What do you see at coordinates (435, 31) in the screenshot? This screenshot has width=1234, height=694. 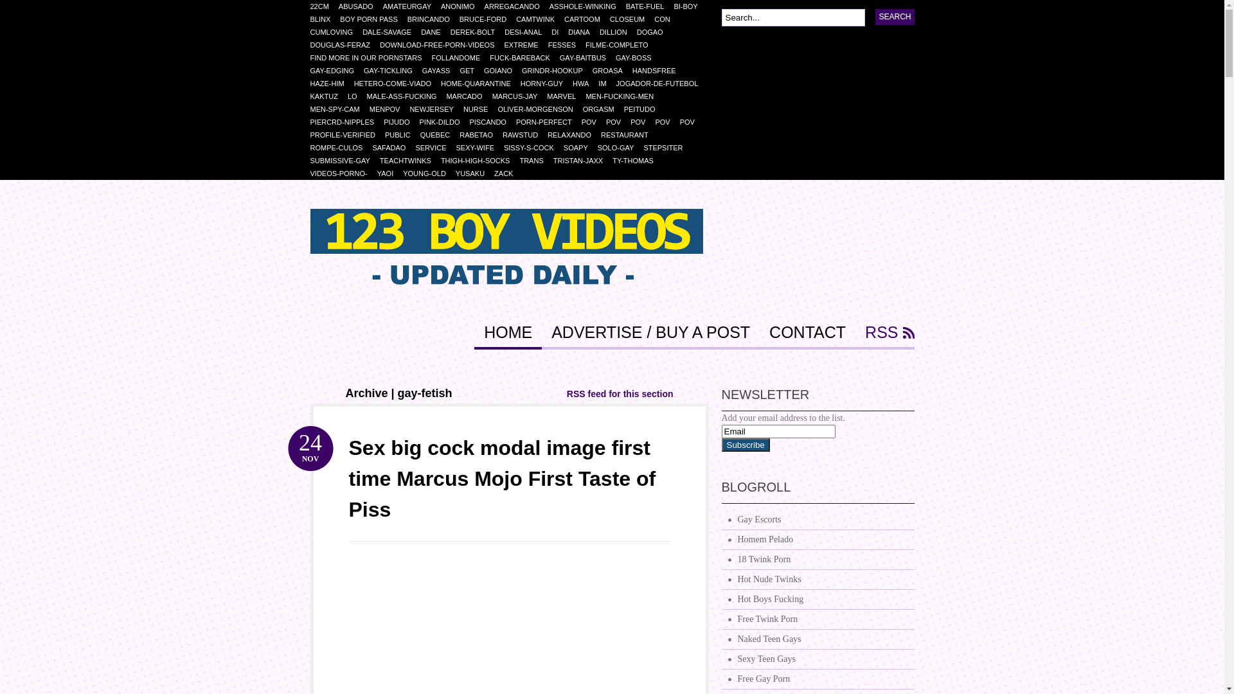 I see `'DANE'` at bounding box center [435, 31].